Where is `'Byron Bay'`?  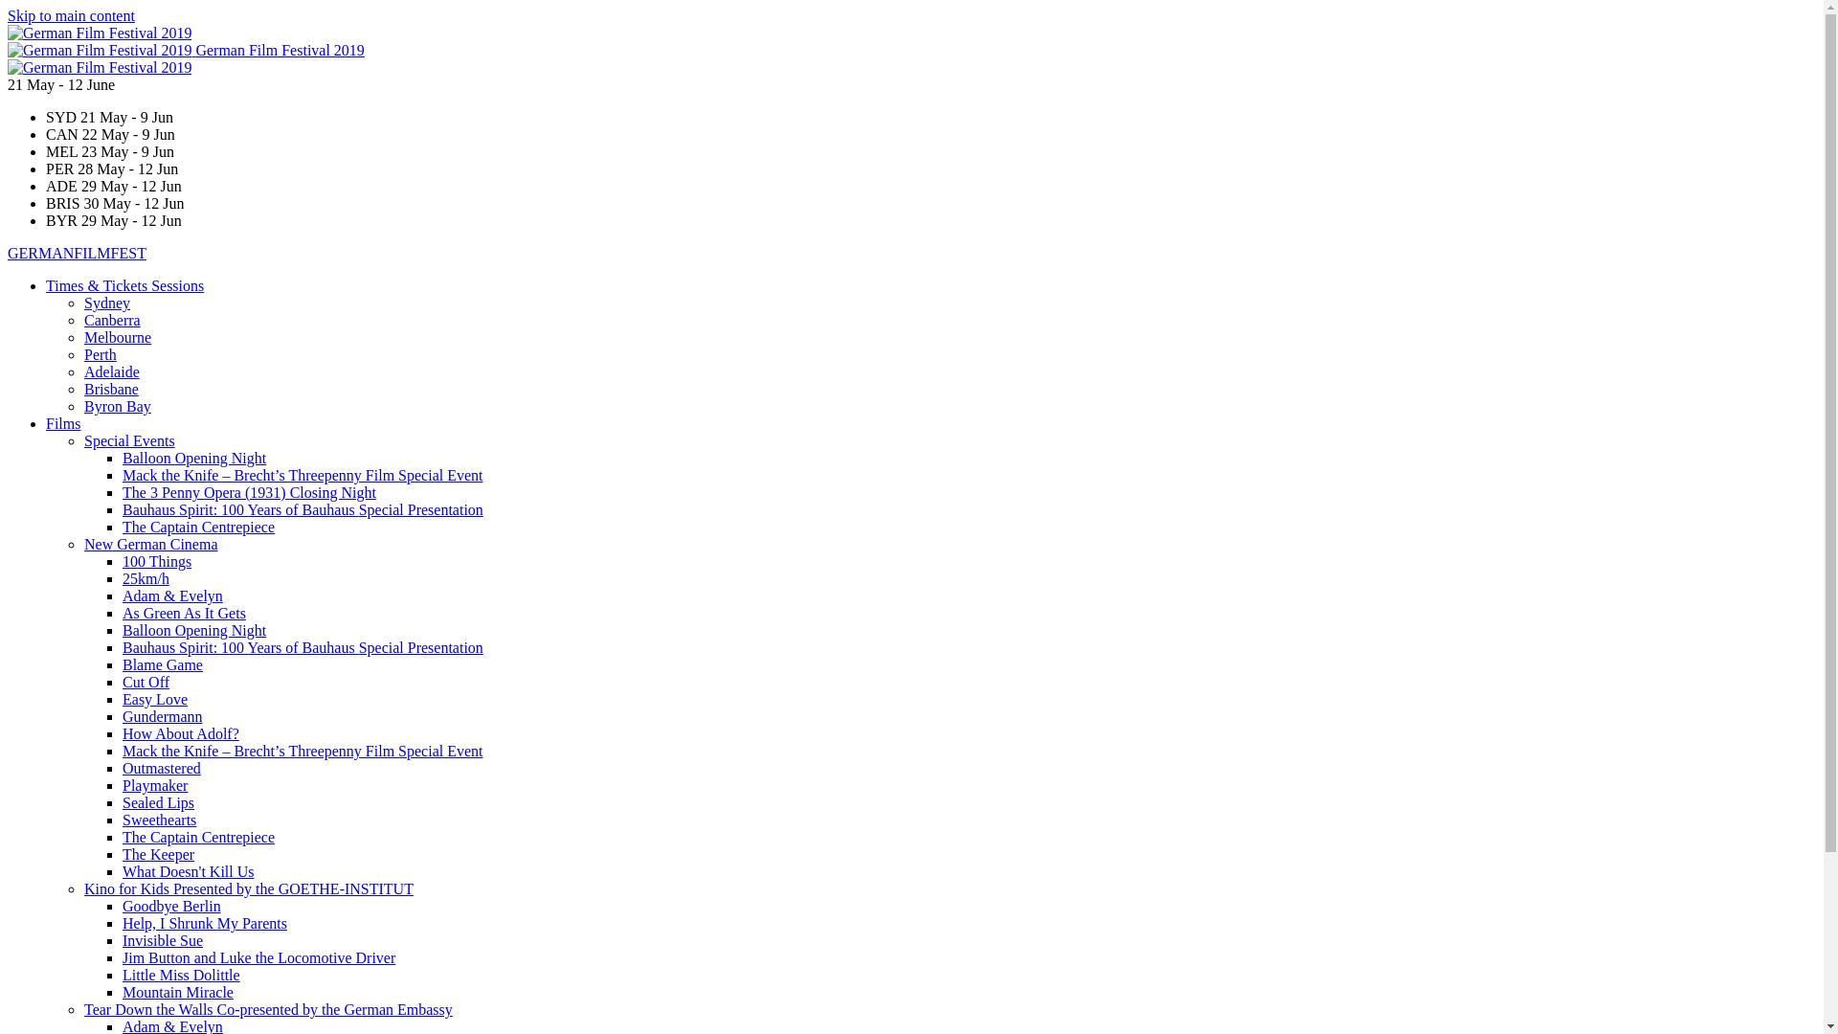 'Byron Bay' is located at coordinates (117, 405).